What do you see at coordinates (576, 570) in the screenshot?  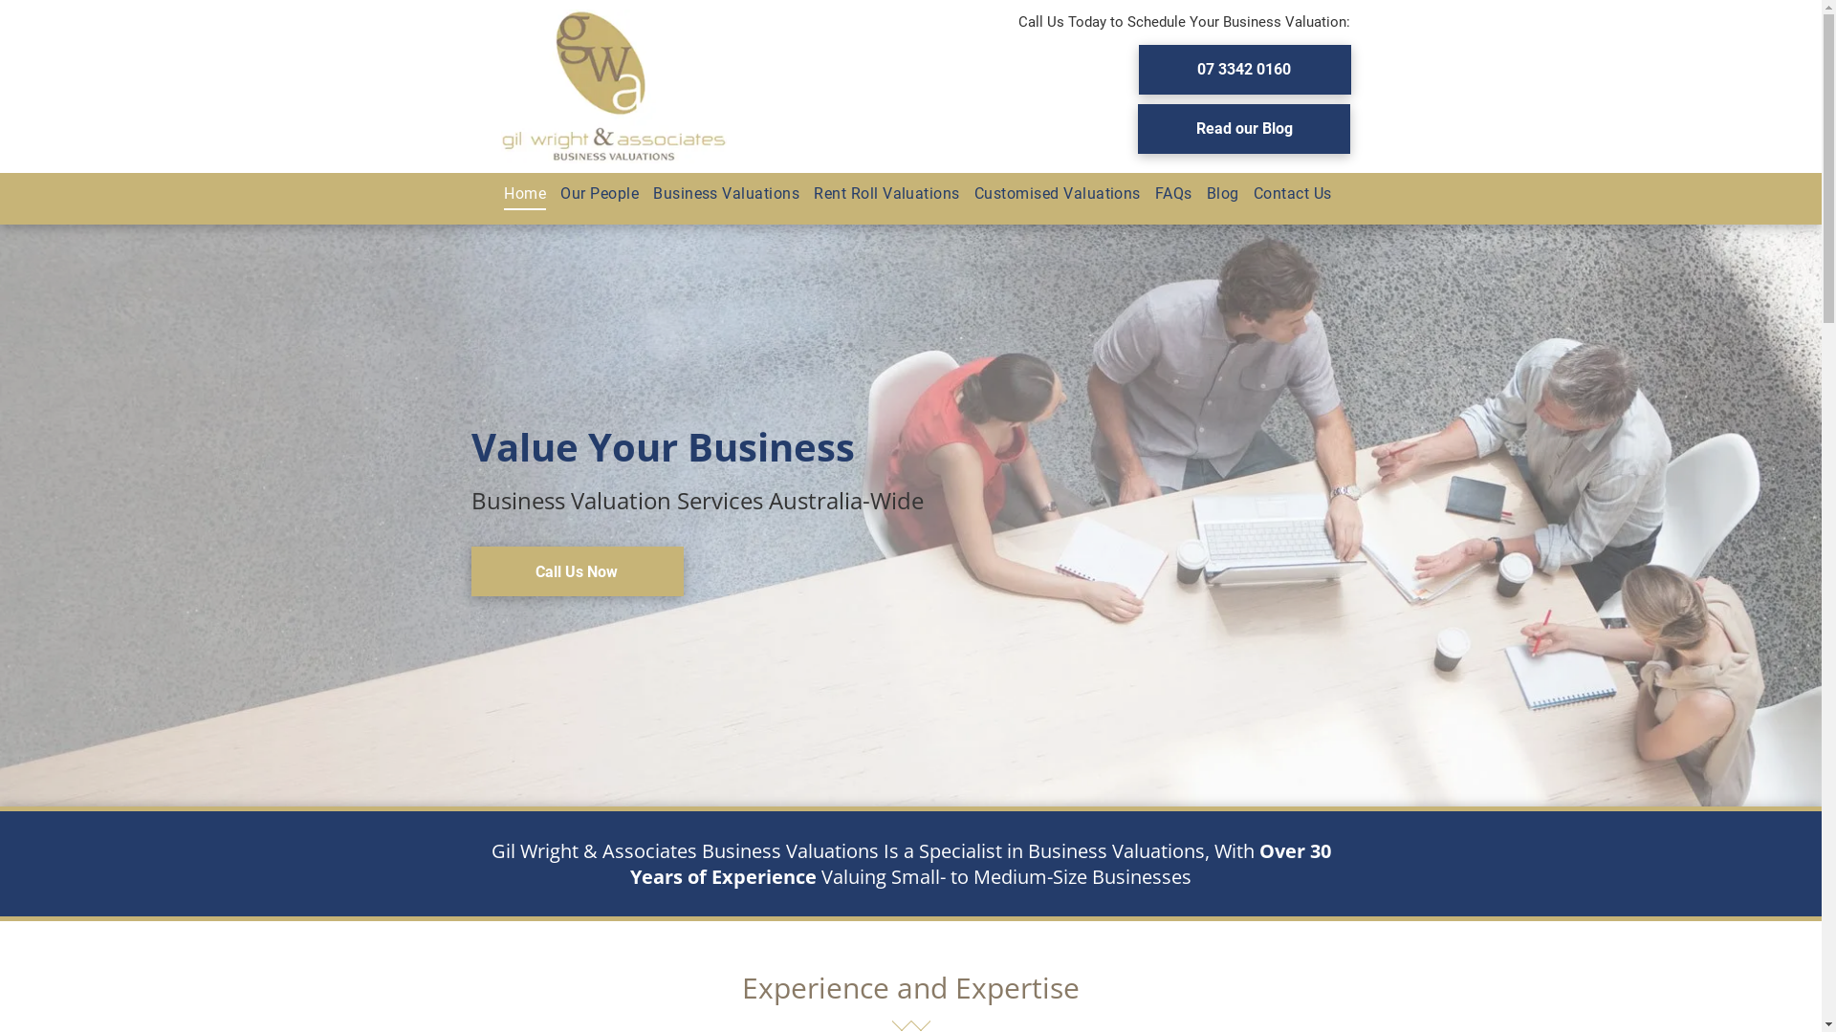 I see `'Call Us Now'` at bounding box center [576, 570].